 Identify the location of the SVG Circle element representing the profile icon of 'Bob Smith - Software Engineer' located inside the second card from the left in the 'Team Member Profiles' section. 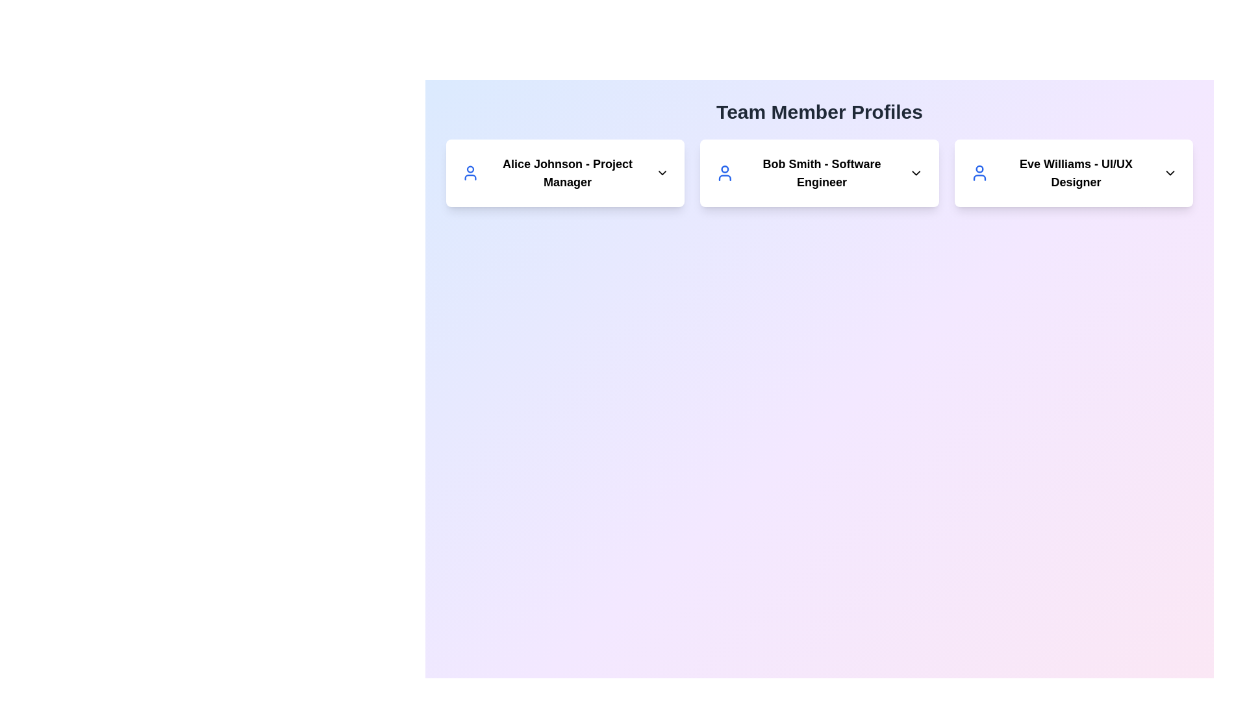
(724, 169).